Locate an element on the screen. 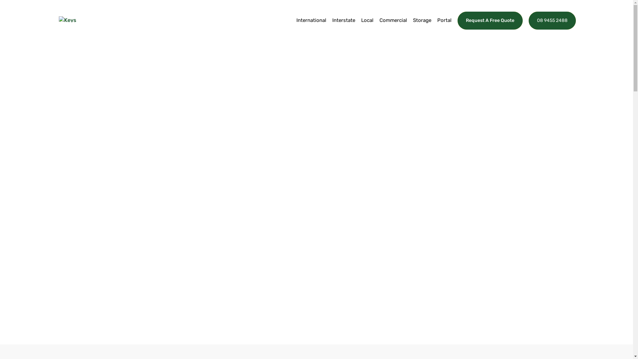 This screenshot has height=359, width=638. 'Interstate' is located at coordinates (344, 28).